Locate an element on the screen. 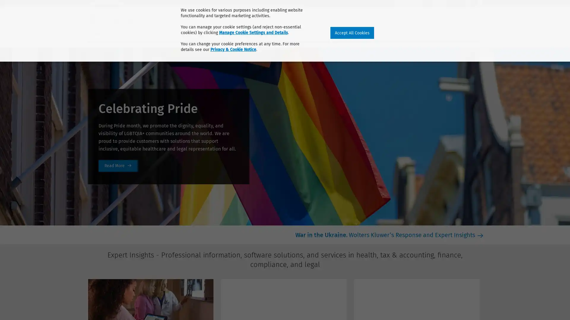  Compliance is located at coordinates (225, 33).